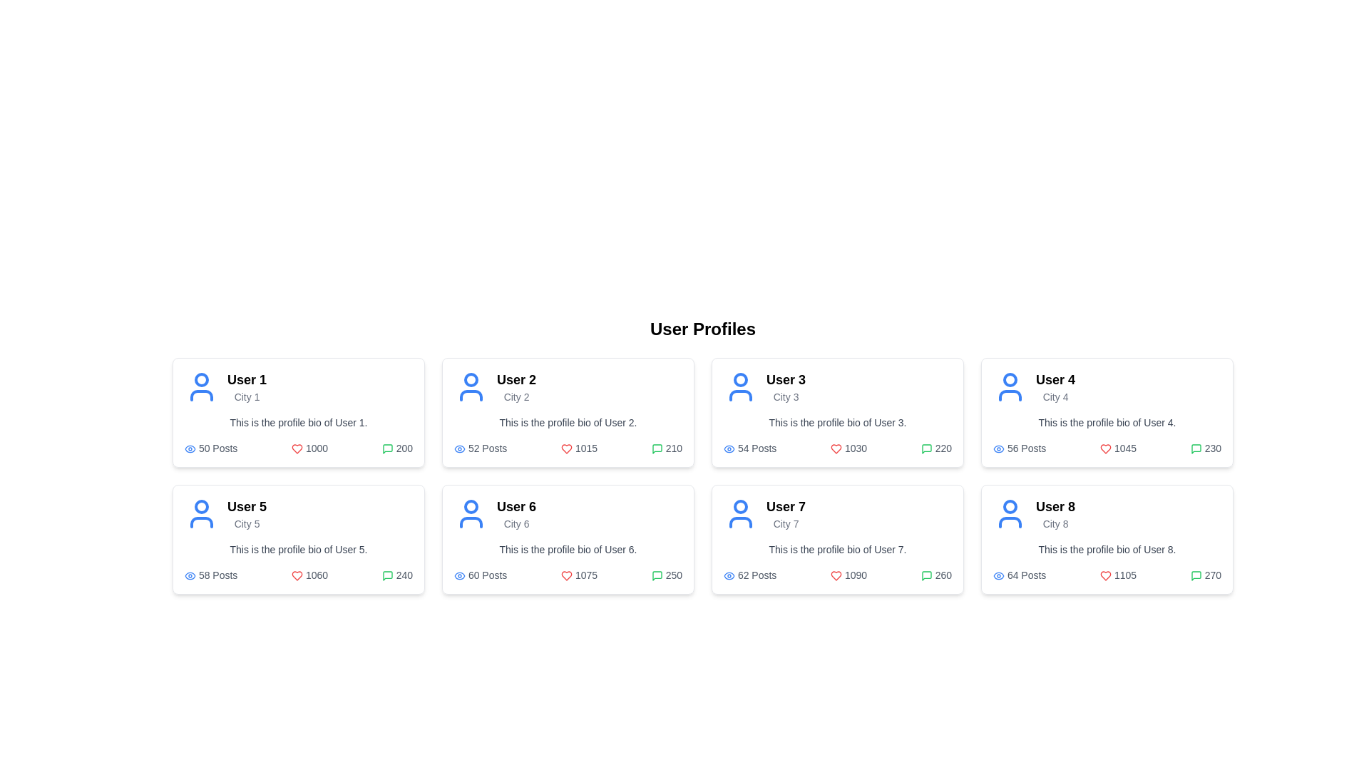  Describe the element at coordinates (785, 514) in the screenshot. I see `text content displayed for 'User 7' from 'City 7' in the seventh profile card of a 4x2 grid layout` at that location.